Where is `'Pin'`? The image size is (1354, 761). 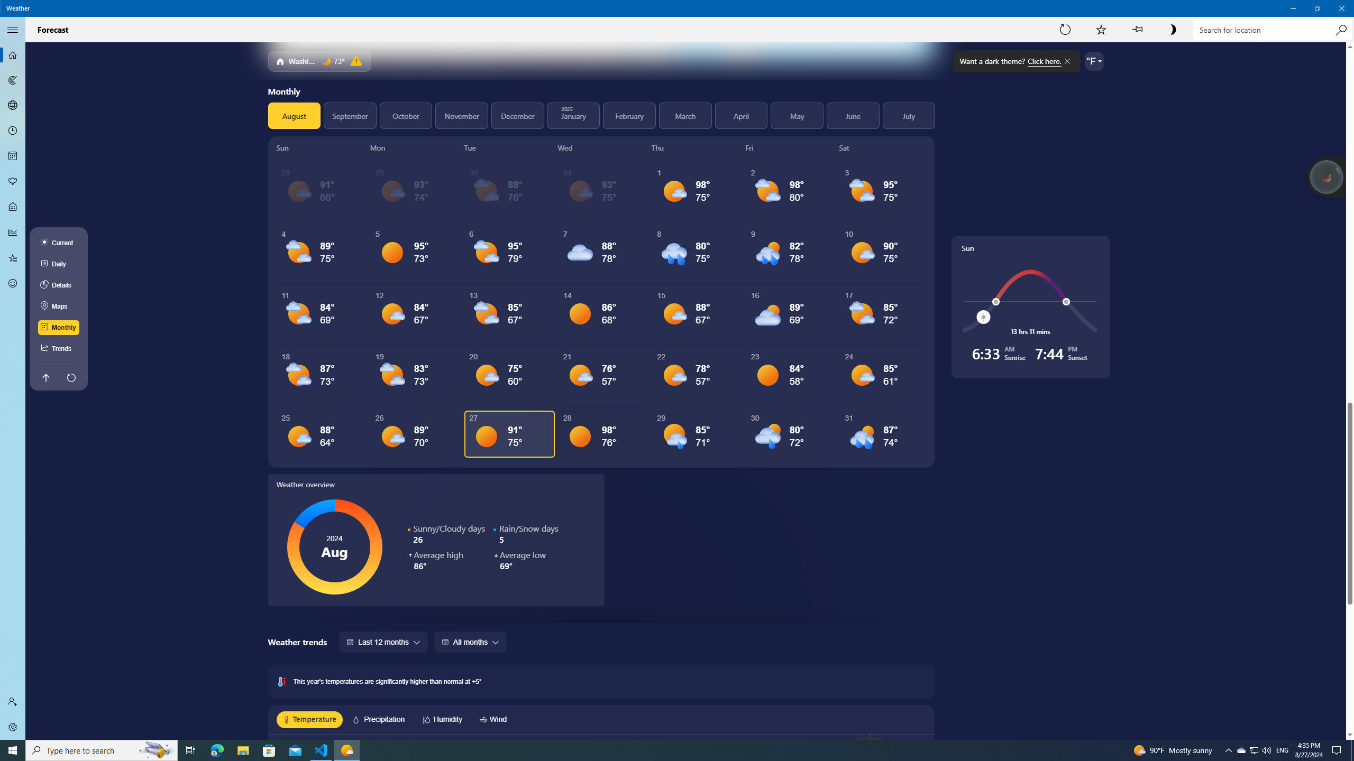
'Pin' is located at coordinates (1137, 29).